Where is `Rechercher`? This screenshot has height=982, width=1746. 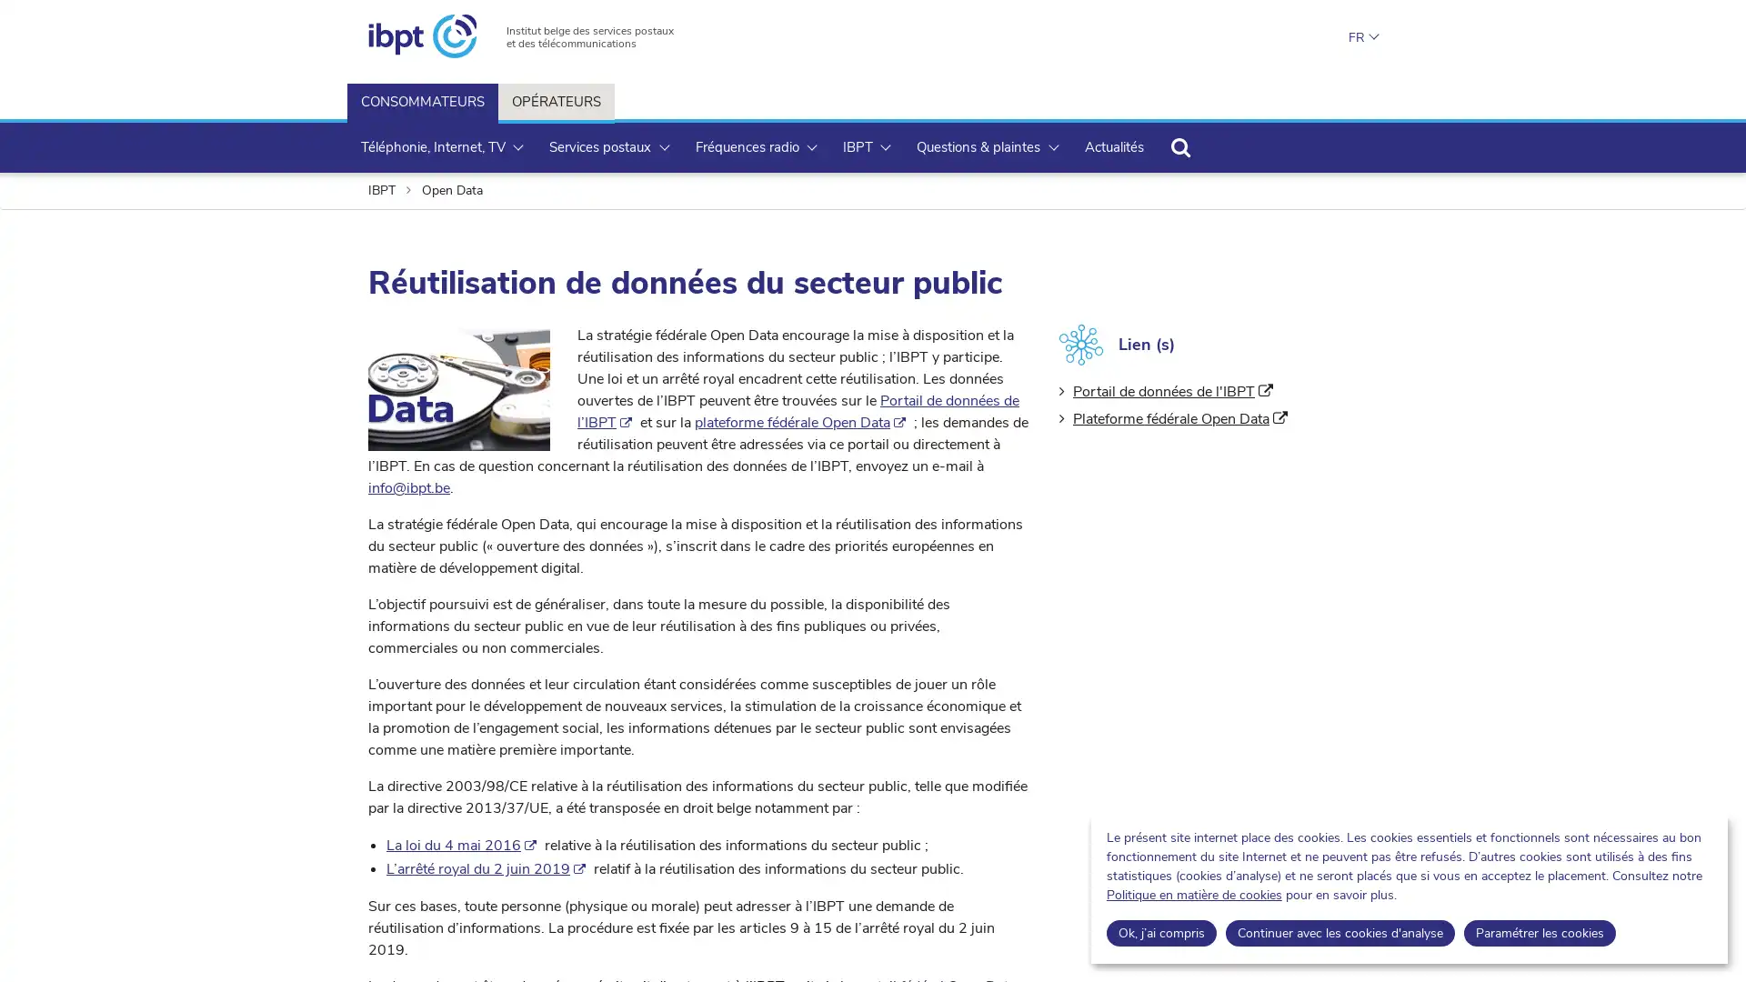 Rechercher is located at coordinates (1181, 146).